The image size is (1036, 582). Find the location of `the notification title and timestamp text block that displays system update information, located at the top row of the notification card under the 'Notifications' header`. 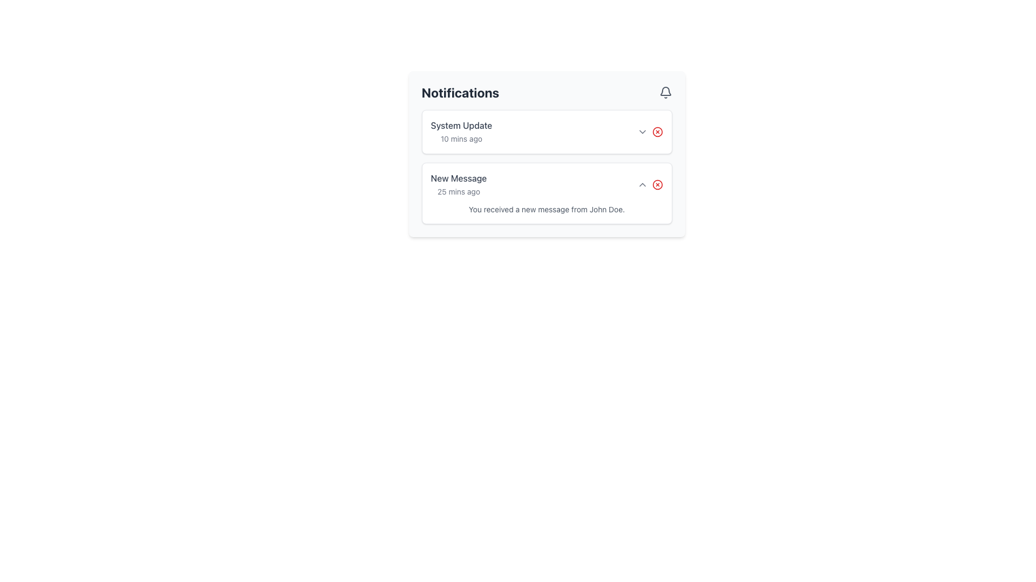

the notification title and timestamp text block that displays system update information, located at the top row of the notification card under the 'Notifications' header is located at coordinates (461, 131).